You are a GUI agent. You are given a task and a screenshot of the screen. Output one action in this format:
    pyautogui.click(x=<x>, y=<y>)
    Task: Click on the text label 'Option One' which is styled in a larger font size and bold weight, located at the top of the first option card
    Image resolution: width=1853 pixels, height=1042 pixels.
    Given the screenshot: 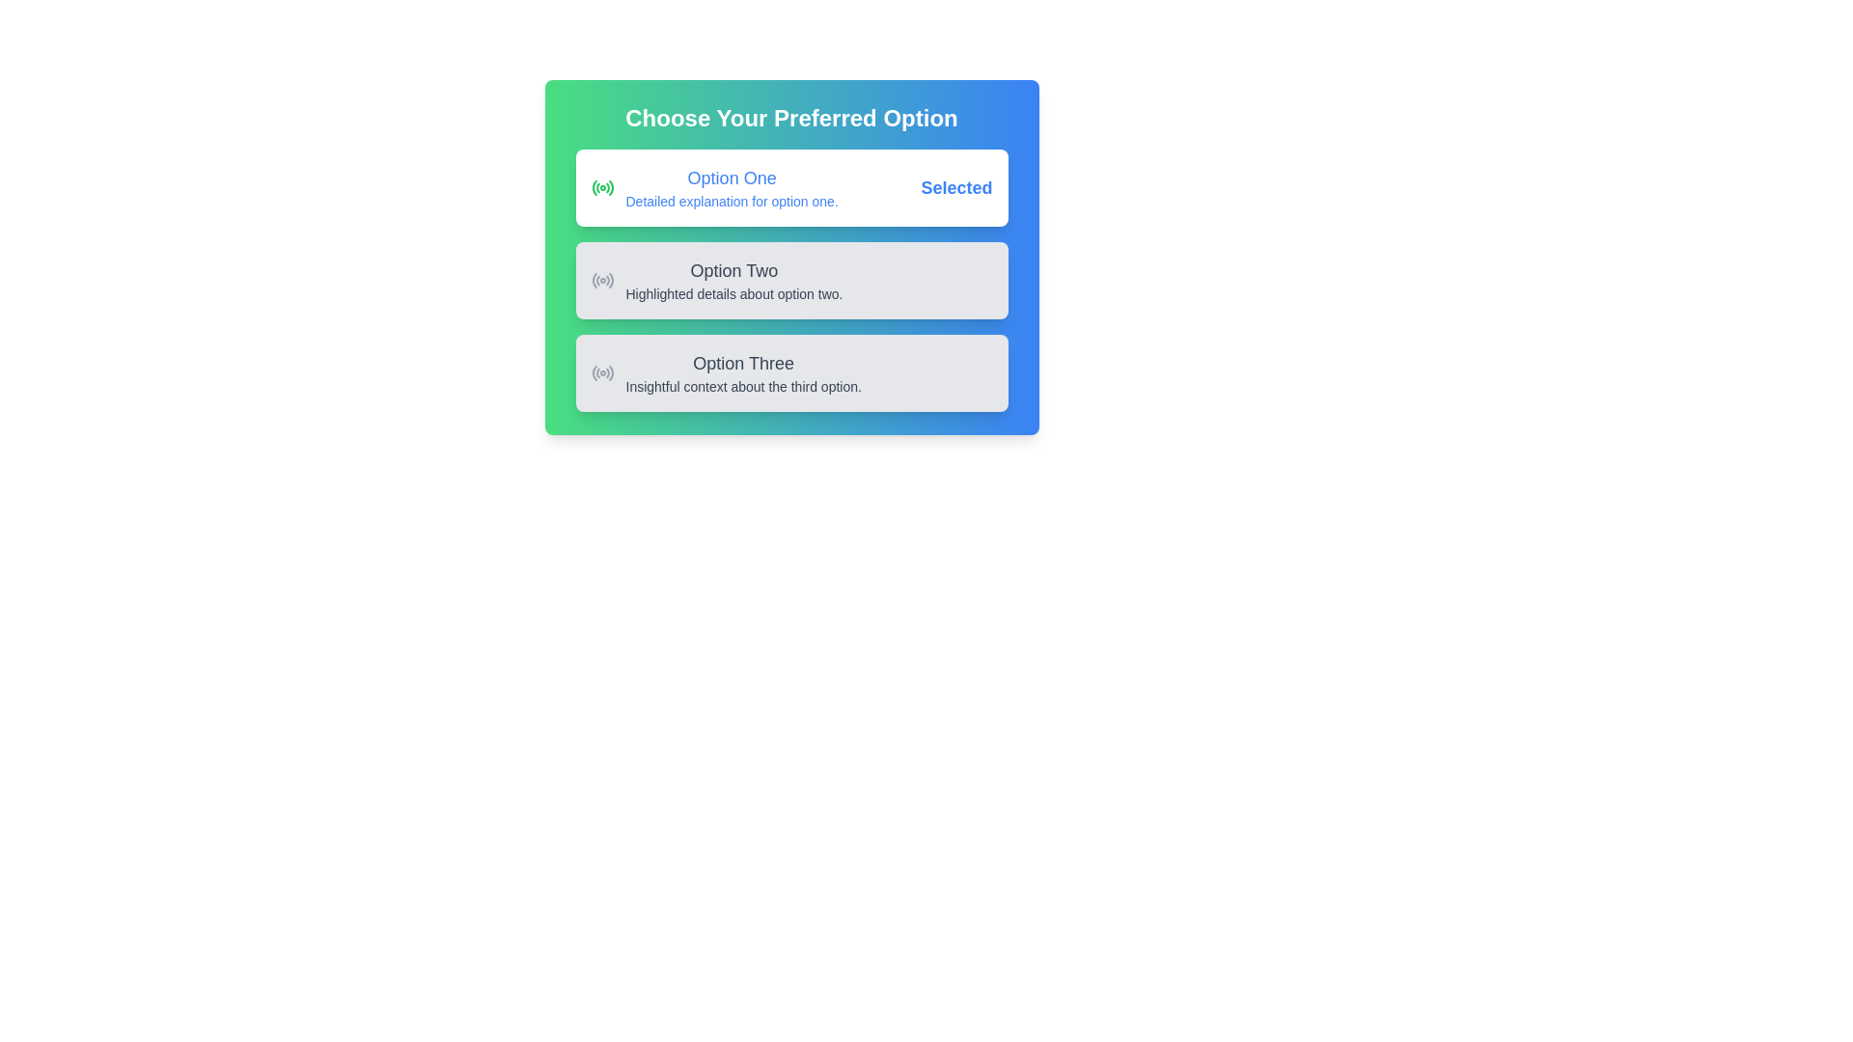 What is the action you would take?
    pyautogui.click(x=731, y=178)
    